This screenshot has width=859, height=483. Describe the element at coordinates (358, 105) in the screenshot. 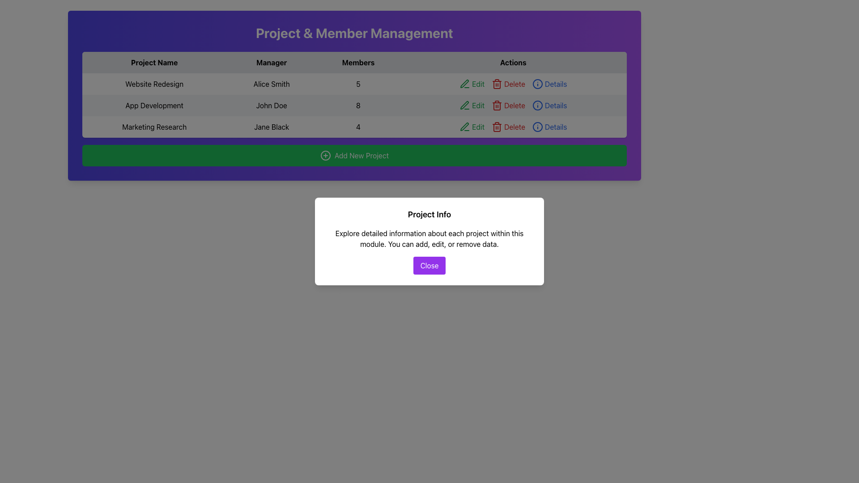

I see `the static text displaying the number of team members in the 'App Development' project for 'John Doe', located in the third column of the second row in the table` at that location.